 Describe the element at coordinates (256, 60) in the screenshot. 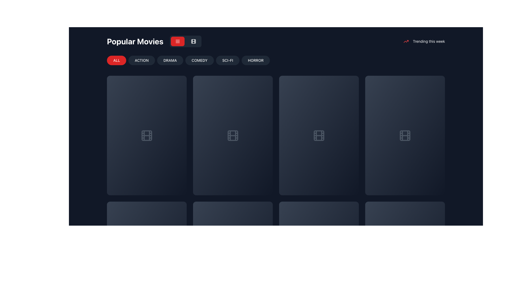

I see `the 'HORROR' button, which is the sixth button in the navigation bar, to filter movies by the Horror genre` at that location.